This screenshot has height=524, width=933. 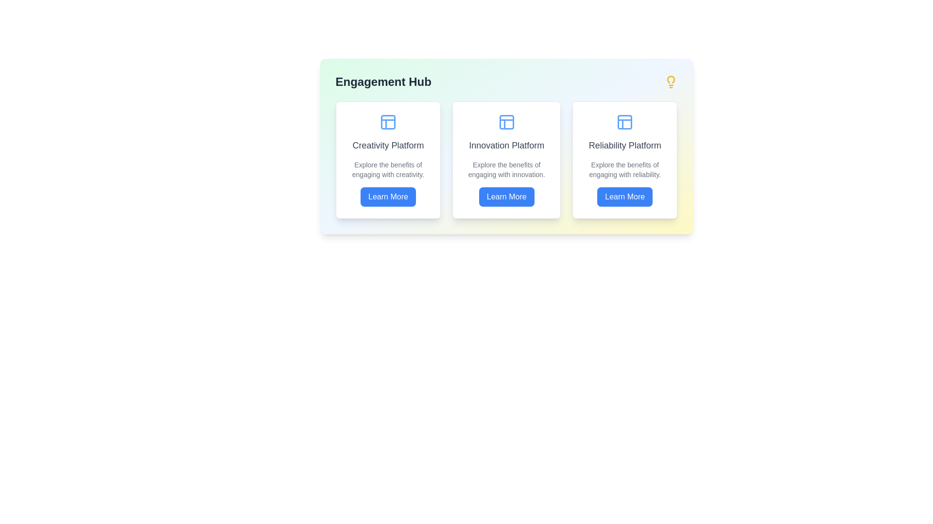 I want to click on the subtitle text element that provides descriptive information about the 'Reliability Platform' panel, located directly under the title 'Reliability Platform' in the rightmost panel, so click(x=625, y=169).